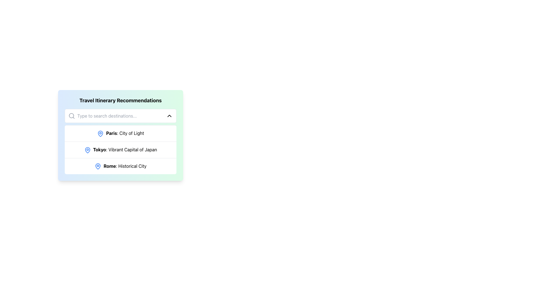 The image size is (536, 301). What do you see at coordinates (87, 150) in the screenshot?
I see `the pin icon representing the geographic location for 'Tokyo: Vibrant Capital of Japan', which is the second item in the travel itinerary recommendations list` at bounding box center [87, 150].